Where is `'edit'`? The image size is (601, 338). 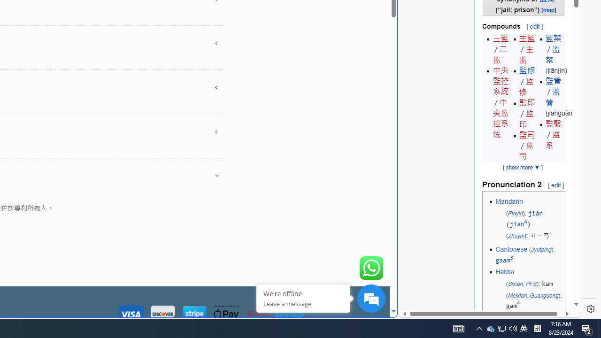
'edit' is located at coordinates (556, 184).